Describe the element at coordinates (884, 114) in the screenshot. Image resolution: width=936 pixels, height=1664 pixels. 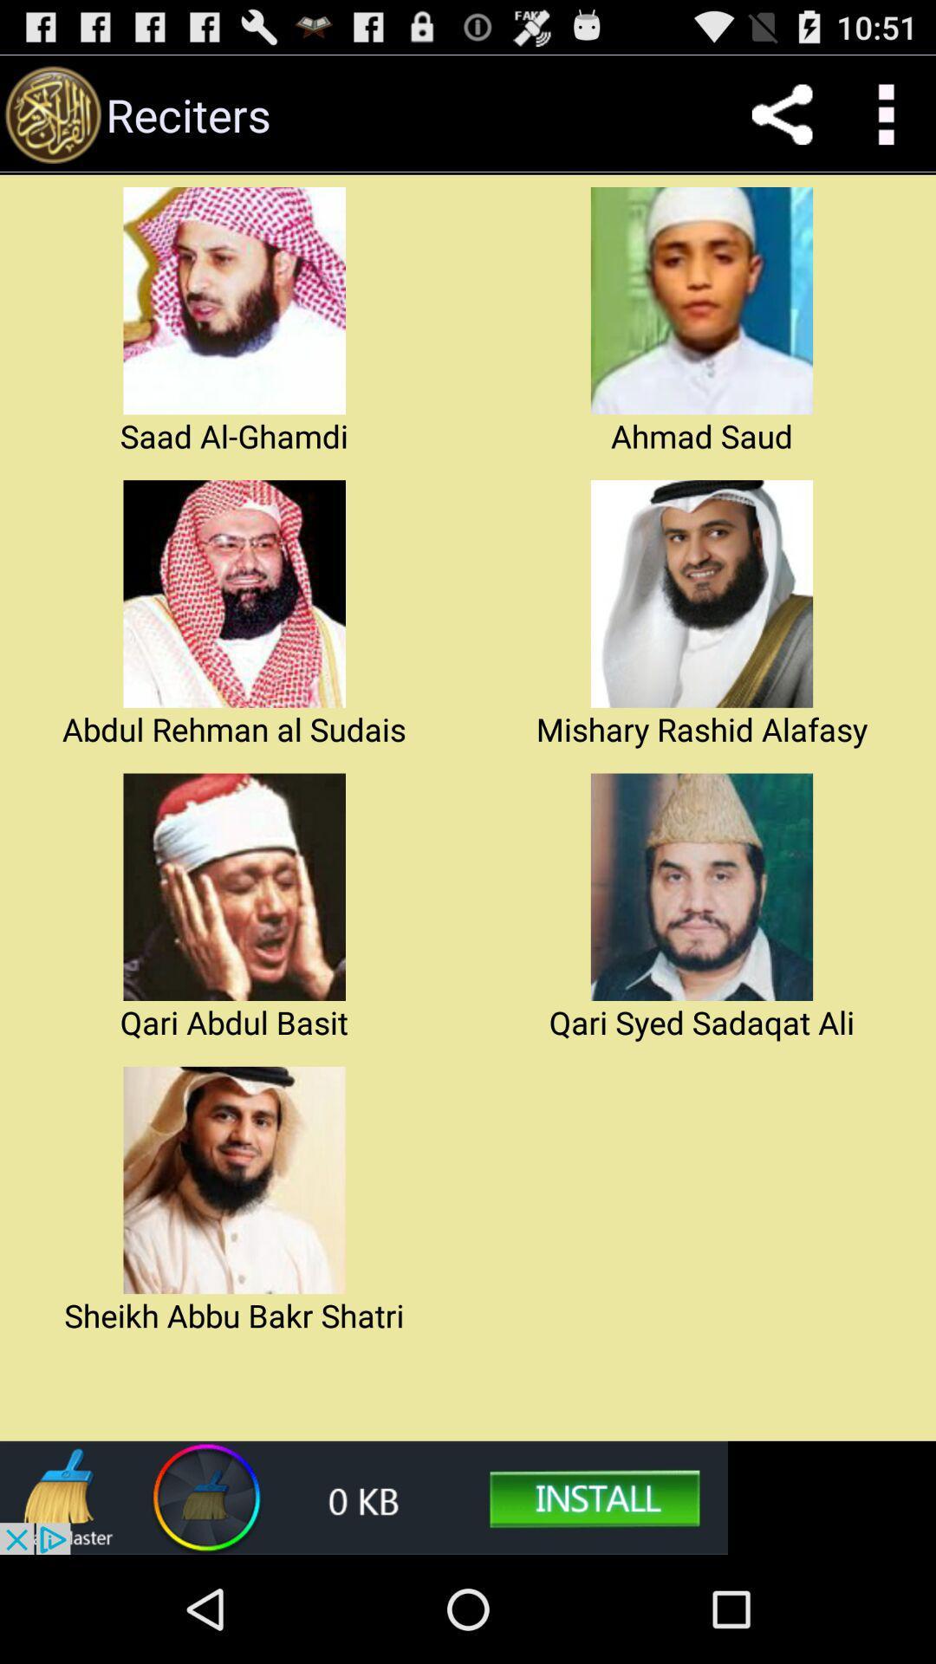
I see `customize and control` at that location.